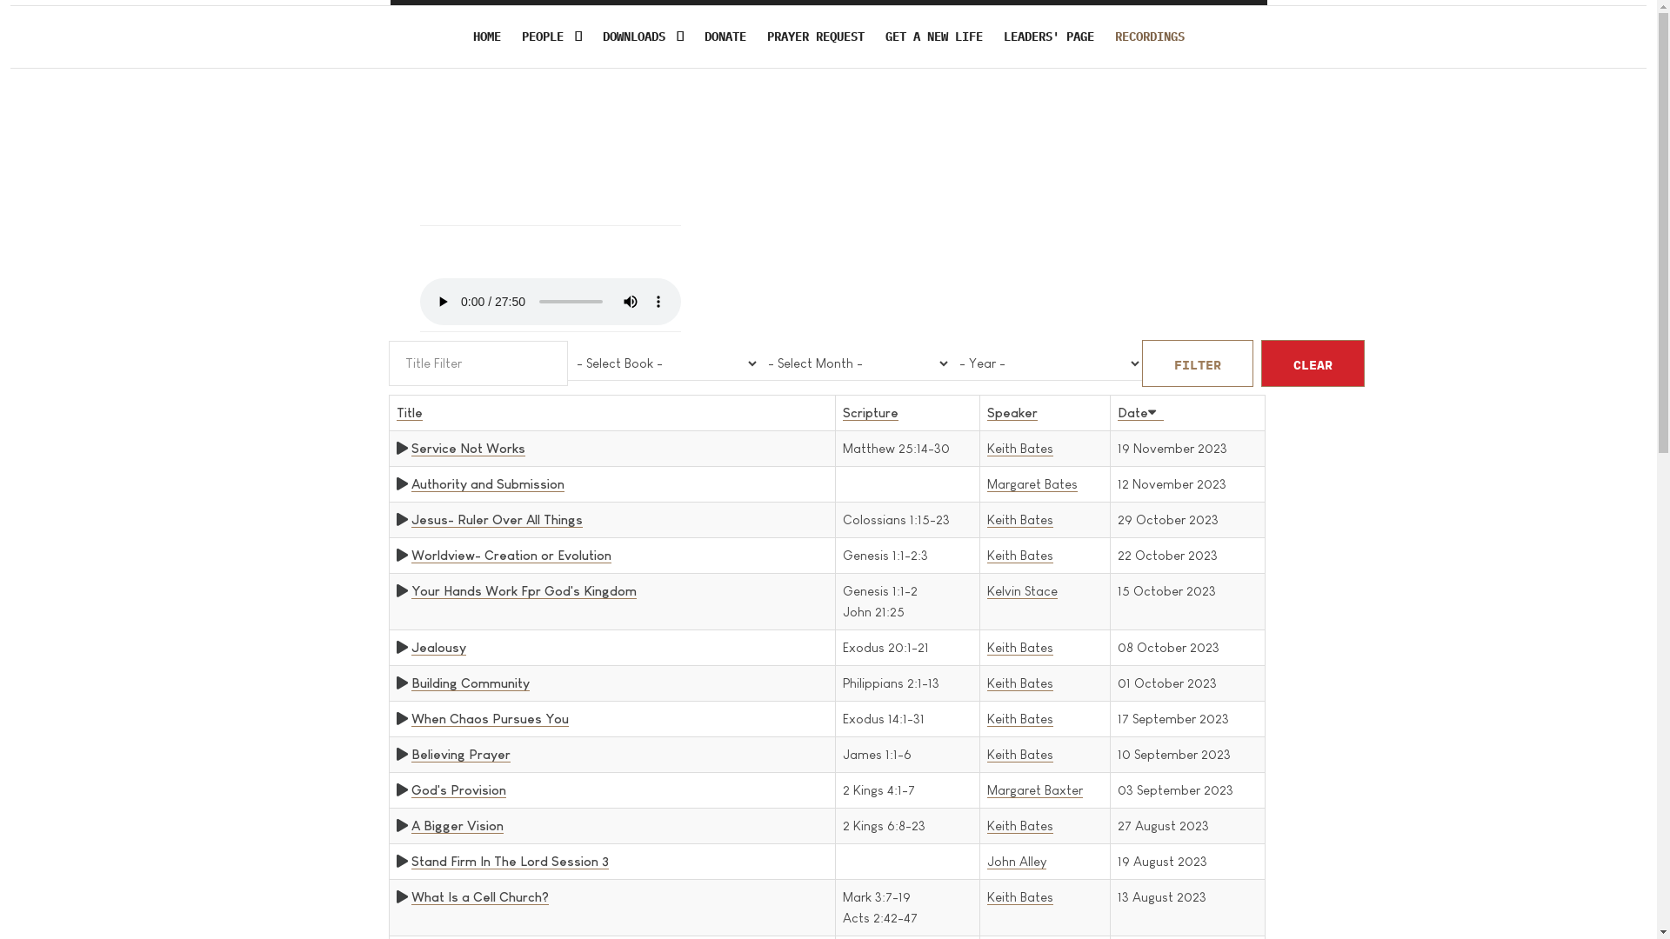 The image size is (1670, 939). I want to click on 'PRAYER REQUEST', so click(756, 37).